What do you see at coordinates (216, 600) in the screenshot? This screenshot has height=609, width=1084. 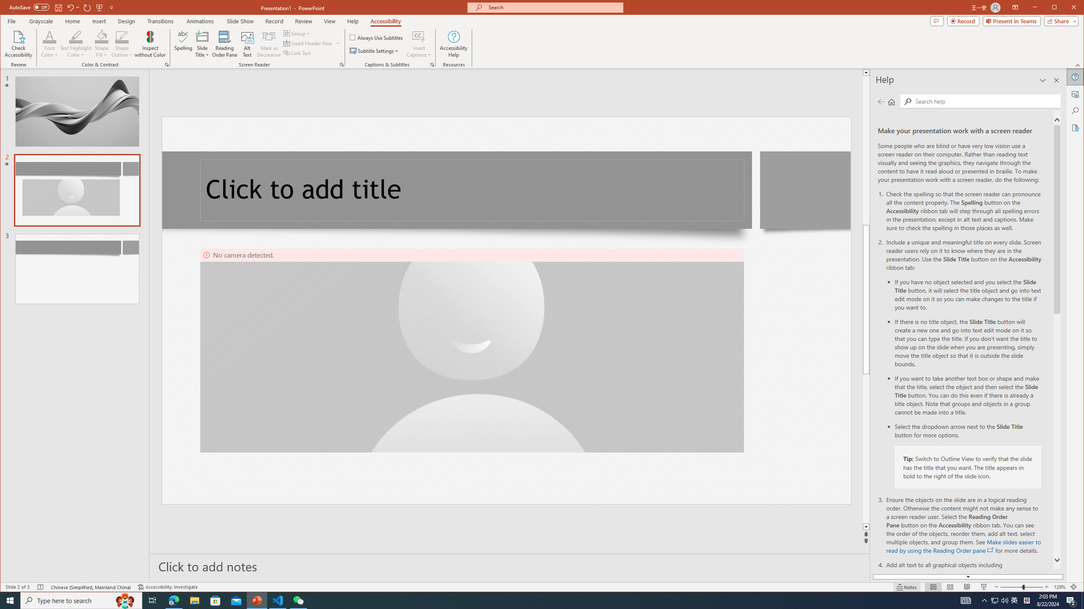 I see `'Microsoft Store'` at bounding box center [216, 600].